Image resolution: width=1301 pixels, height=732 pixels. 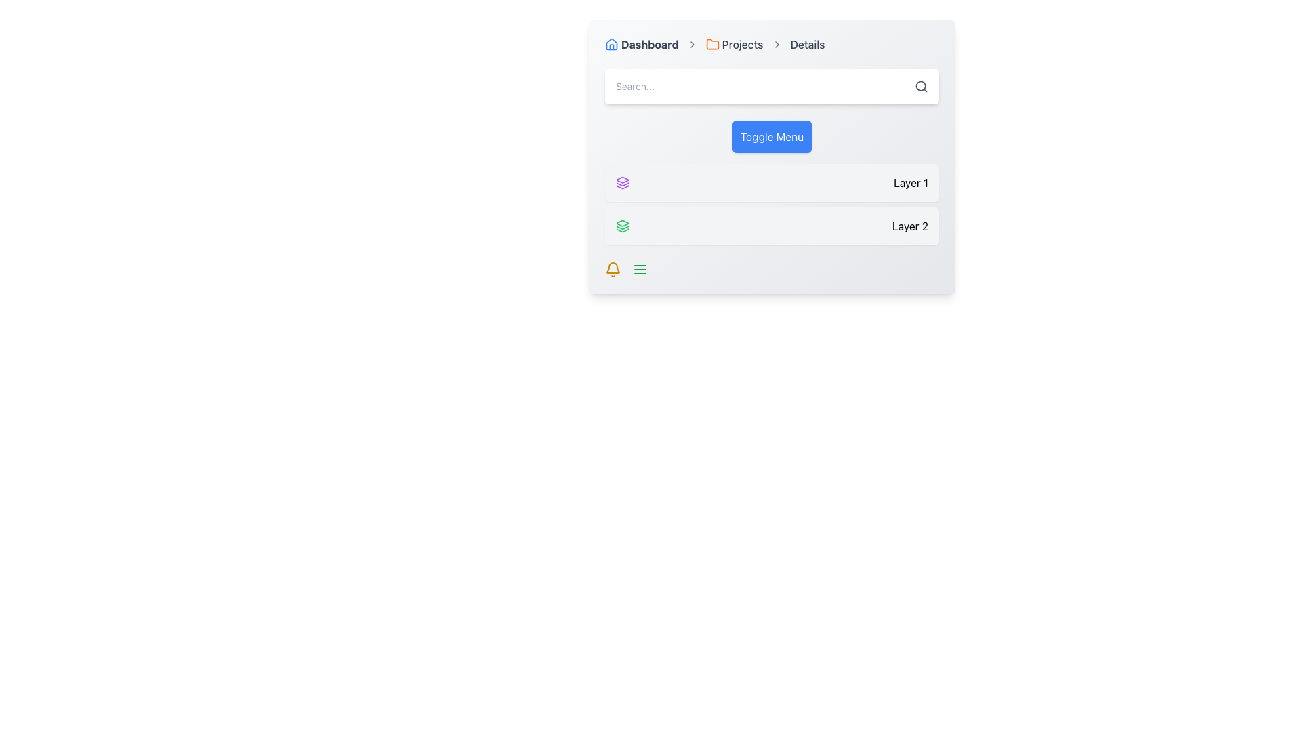 I want to click on the layer icon associated with 'Layer 2', which is located at the left of the 'Layer 2' section, so click(x=621, y=226).